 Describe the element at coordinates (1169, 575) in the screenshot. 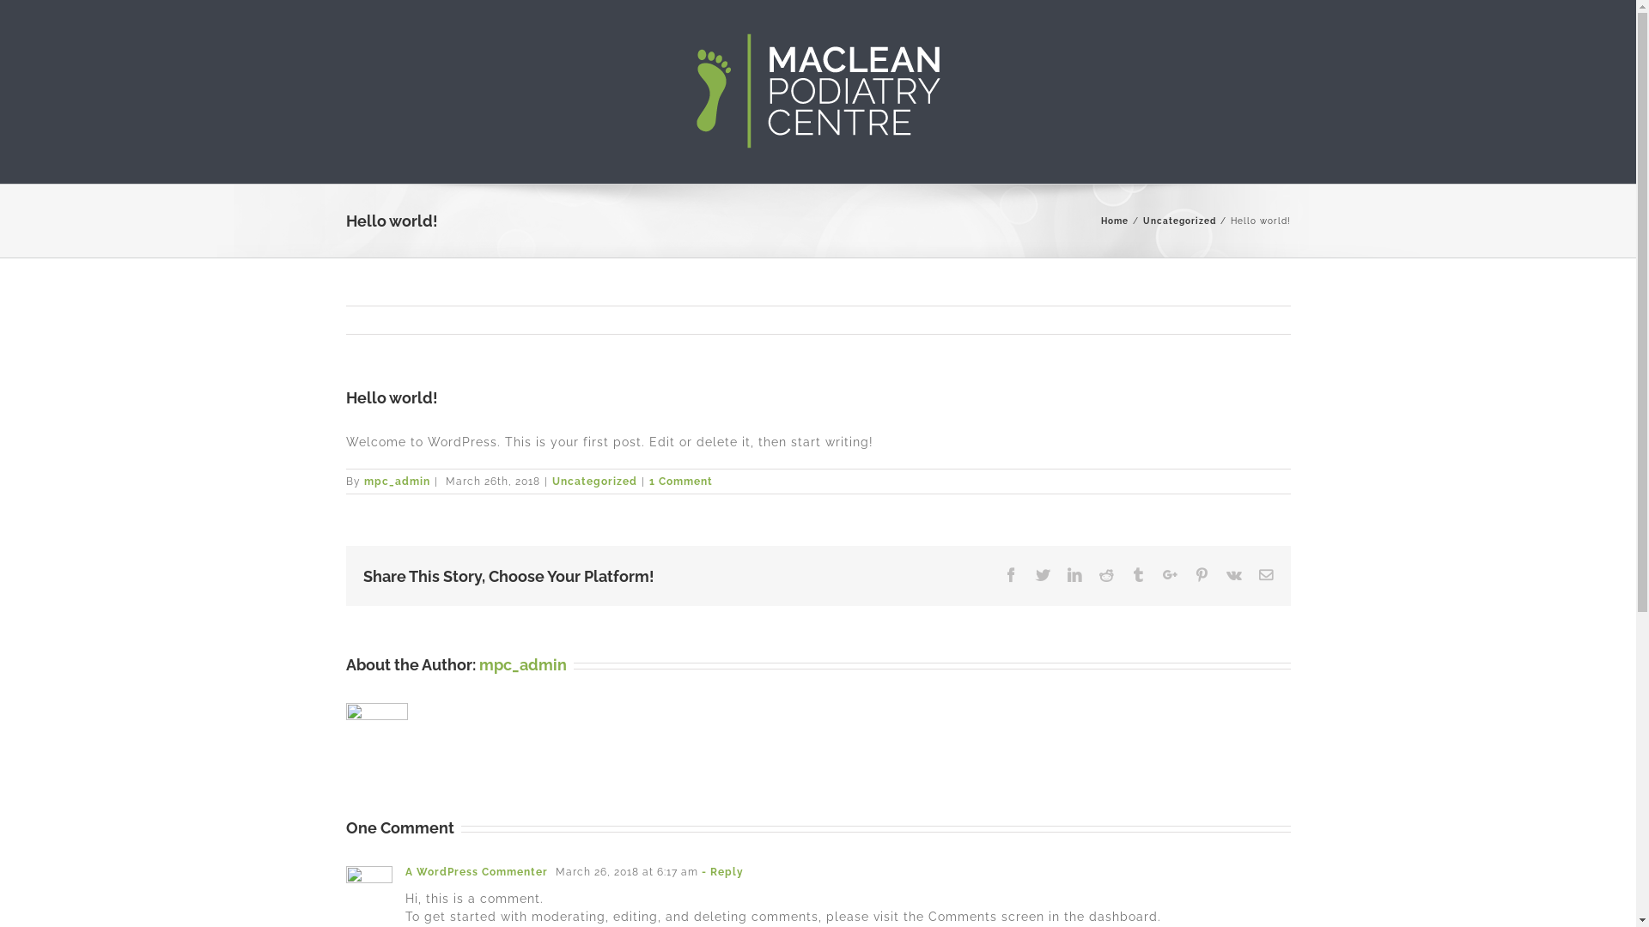

I see `'Google+'` at that location.